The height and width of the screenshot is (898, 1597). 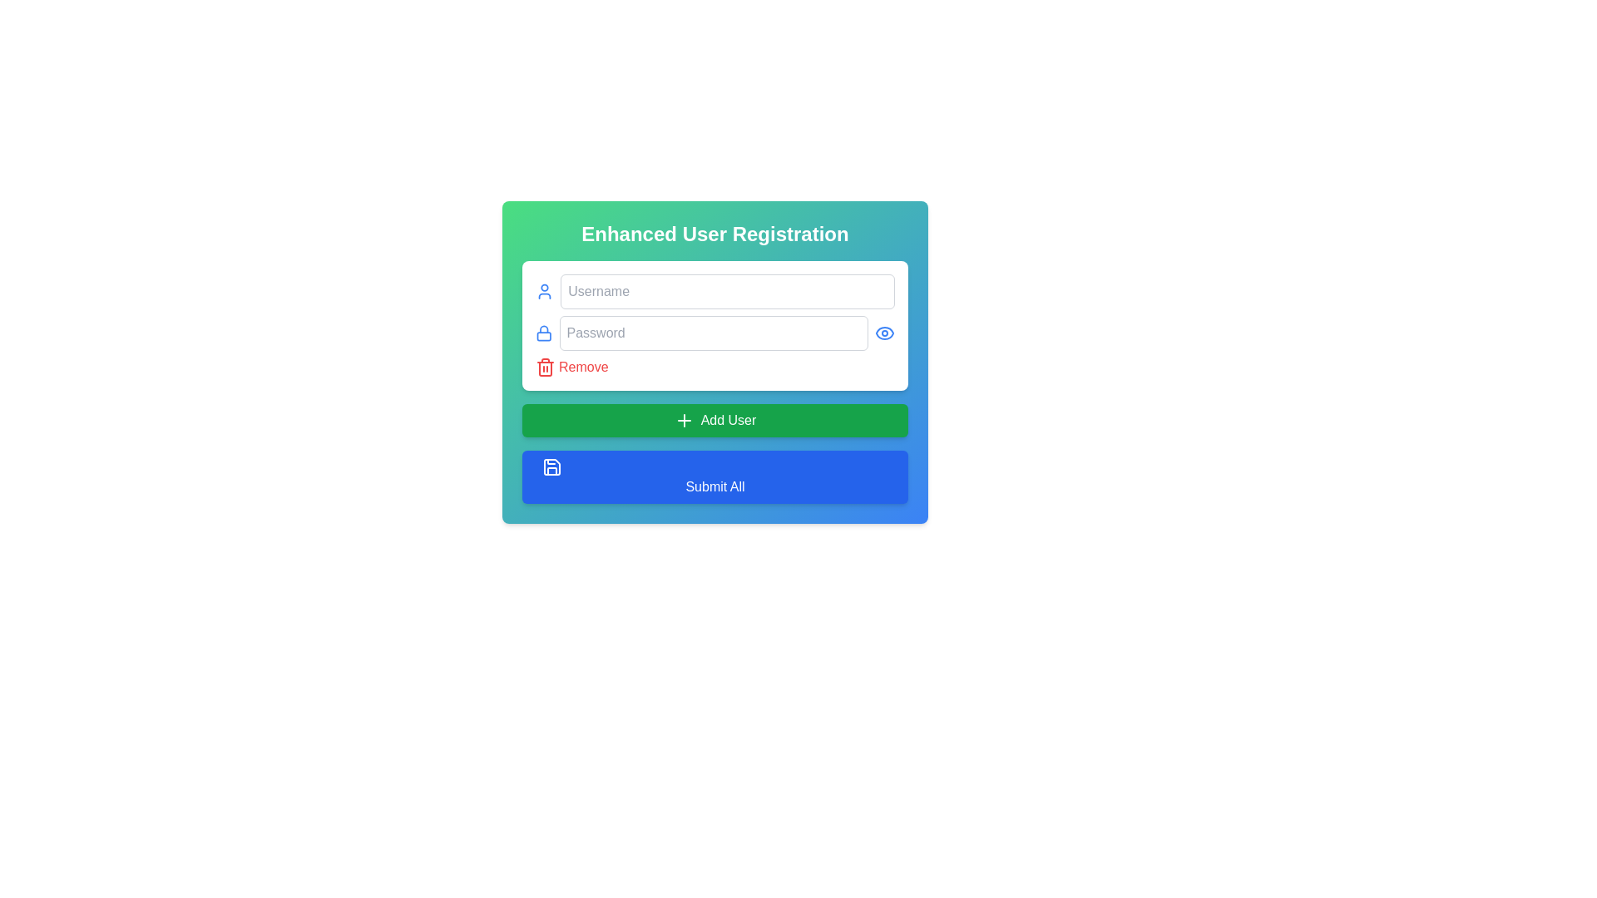 What do you see at coordinates (684, 419) in the screenshot?
I see `keyboard navigation` at bounding box center [684, 419].